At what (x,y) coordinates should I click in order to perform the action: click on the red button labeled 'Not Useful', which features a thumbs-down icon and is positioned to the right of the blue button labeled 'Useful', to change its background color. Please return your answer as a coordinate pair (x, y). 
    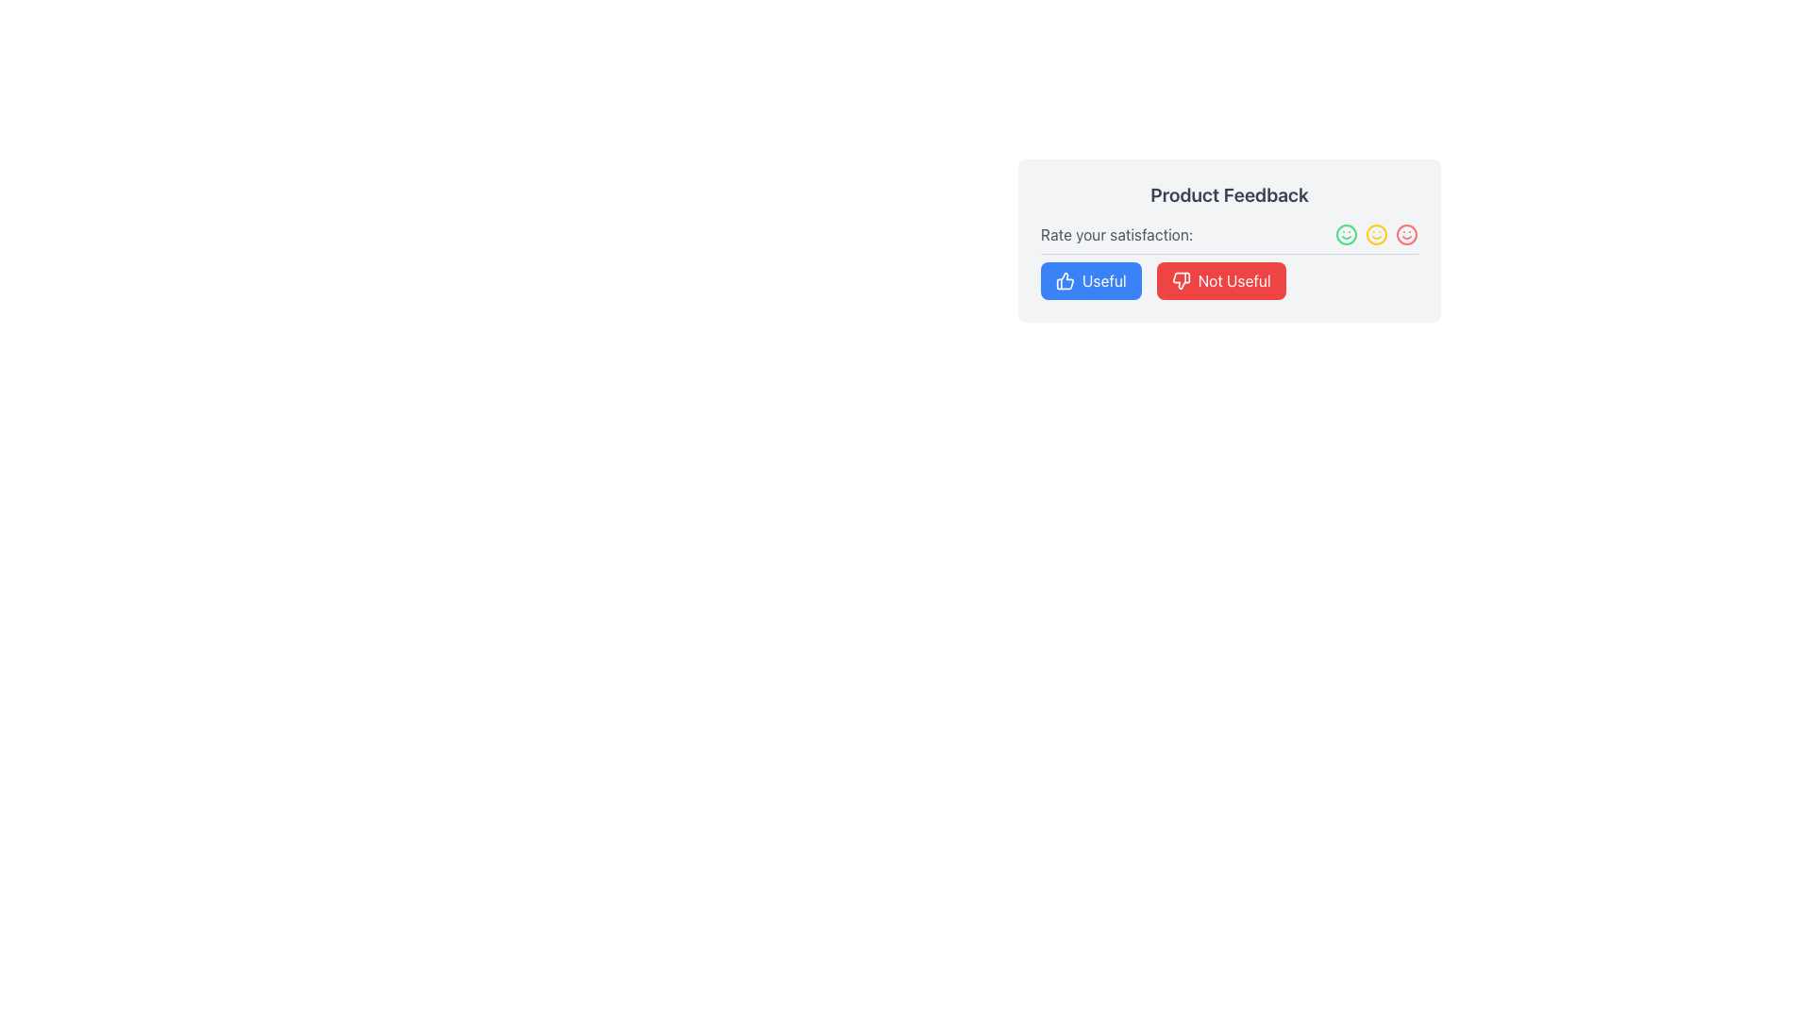
    Looking at the image, I should click on (1221, 280).